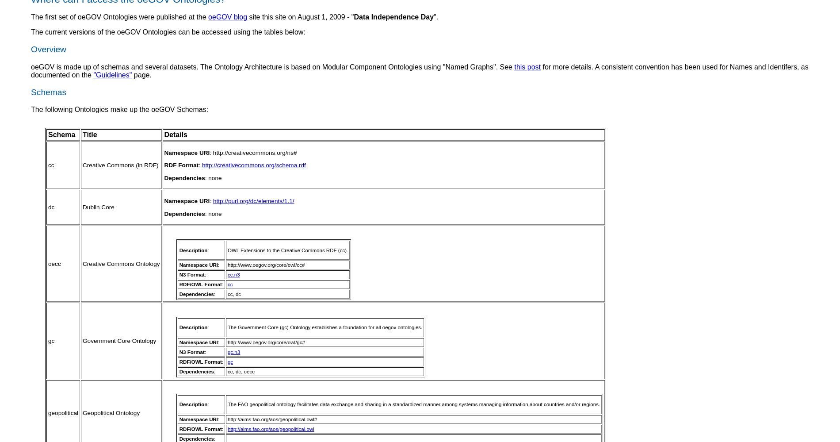 The height and width of the screenshot is (442, 840). Describe the element at coordinates (233, 352) in the screenshot. I see `'gc.n3'` at that location.